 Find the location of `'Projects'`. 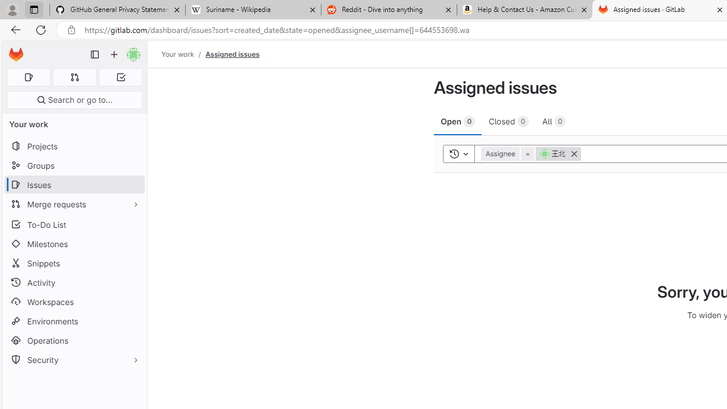

'Projects' is located at coordinates (74, 145).